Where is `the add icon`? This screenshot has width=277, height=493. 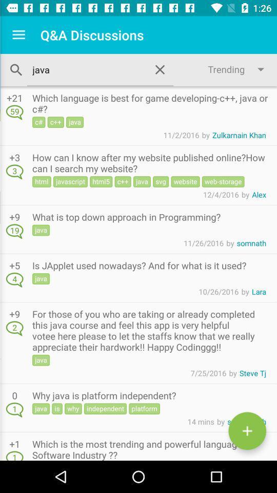 the add icon is located at coordinates (247, 431).